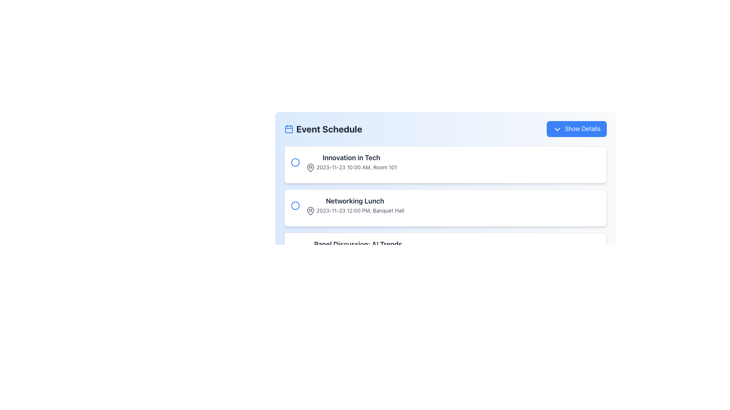  Describe the element at coordinates (295, 249) in the screenshot. I see `the circular element with a blue border that indicates selection or status, located to the left of the event title in the third visible event entry` at that location.